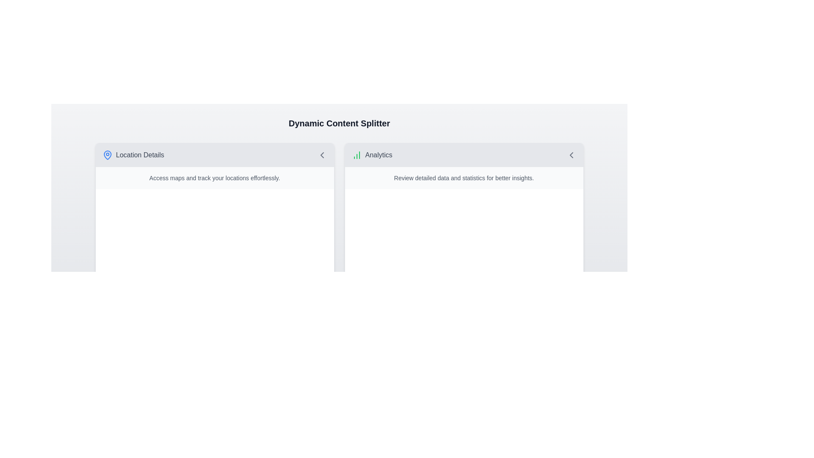  Describe the element at coordinates (140, 155) in the screenshot. I see `the text label displaying 'Location Details', which is styled in grey and positioned next to a blue map pin icon` at that location.